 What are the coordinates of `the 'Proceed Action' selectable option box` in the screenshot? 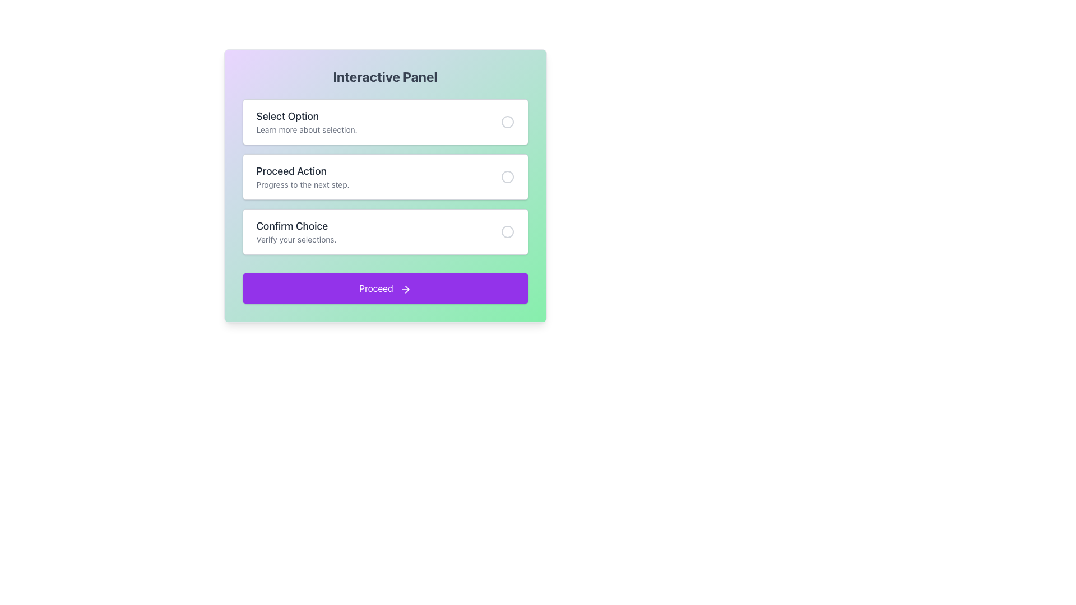 It's located at (385, 176).